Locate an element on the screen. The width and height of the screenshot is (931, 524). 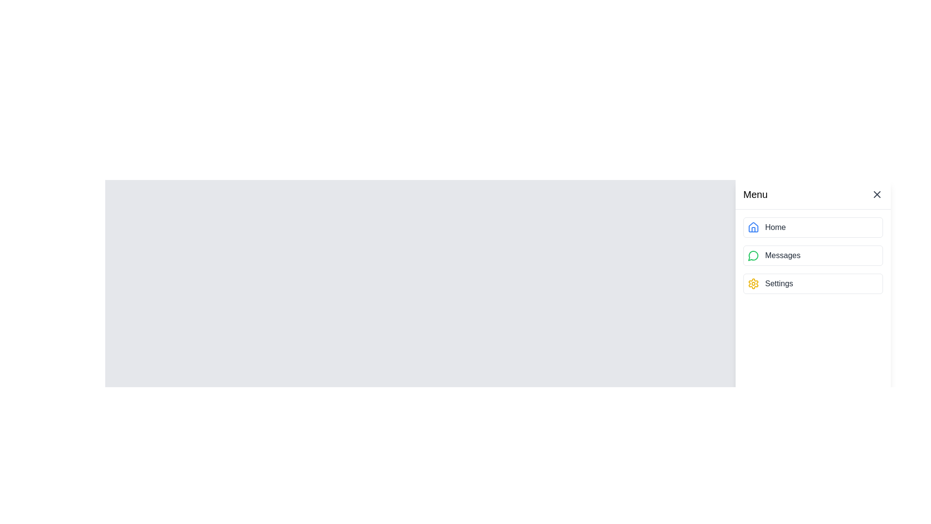
the Close button located at the top-right corner of the menu panel is located at coordinates (877, 195).